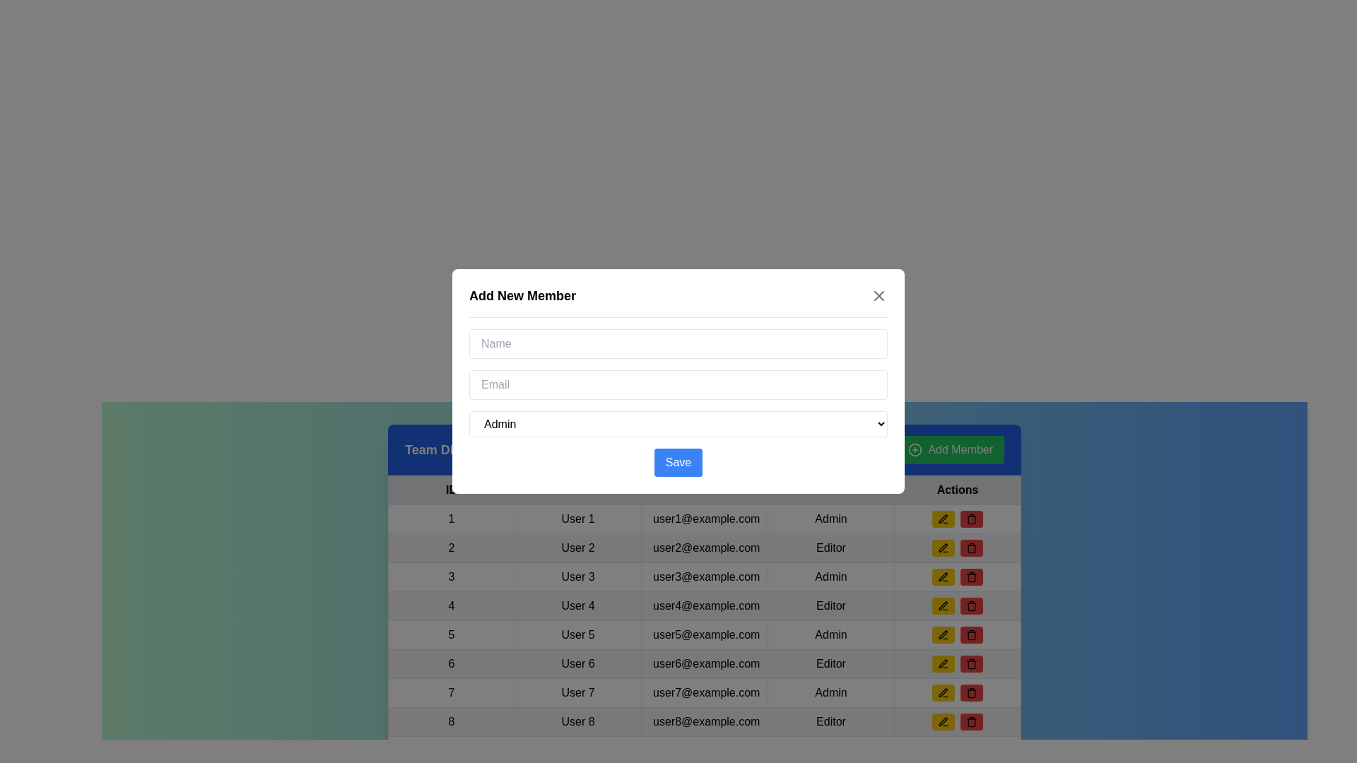 The width and height of the screenshot is (1357, 763). Describe the element at coordinates (450, 577) in the screenshot. I see `the text display element containing the number '3' in the first column of the Team Details table, corresponding to 'User 3'` at that location.